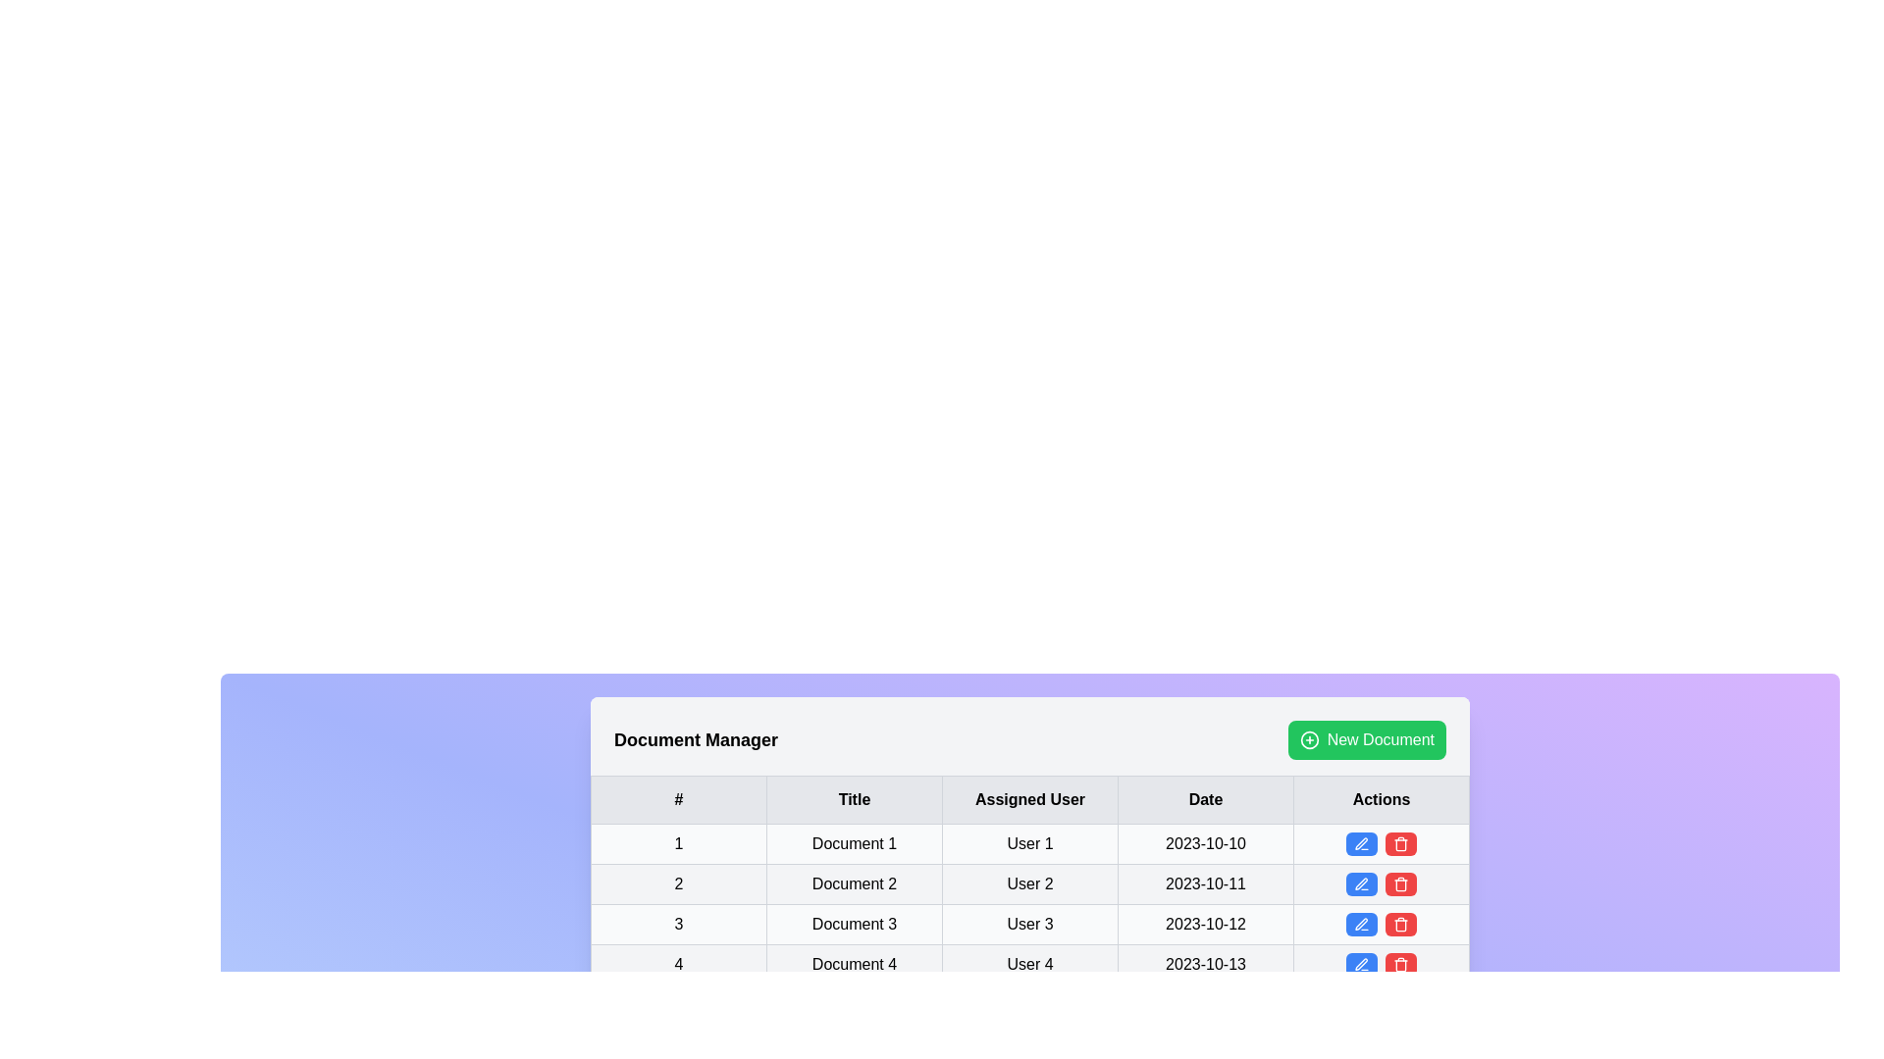 This screenshot has height=1059, width=1884. What do you see at coordinates (1360, 924) in the screenshot?
I see `the blue button with a pen icon in the 'Actions' column for 'Document 3' to initiate the editing action` at bounding box center [1360, 924].